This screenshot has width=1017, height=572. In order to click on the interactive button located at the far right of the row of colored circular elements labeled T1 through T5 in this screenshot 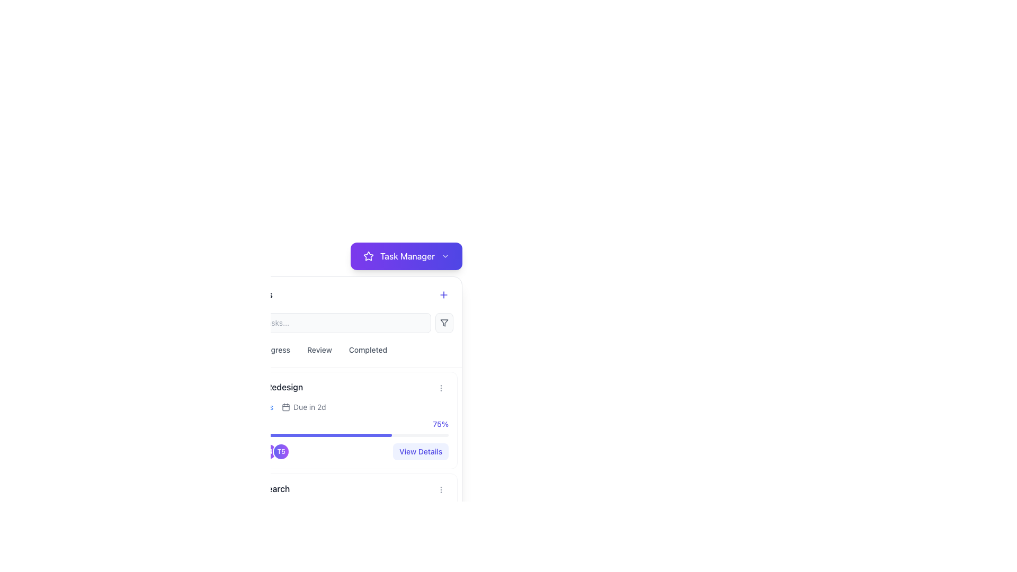, I will do `click(420, 451)`.